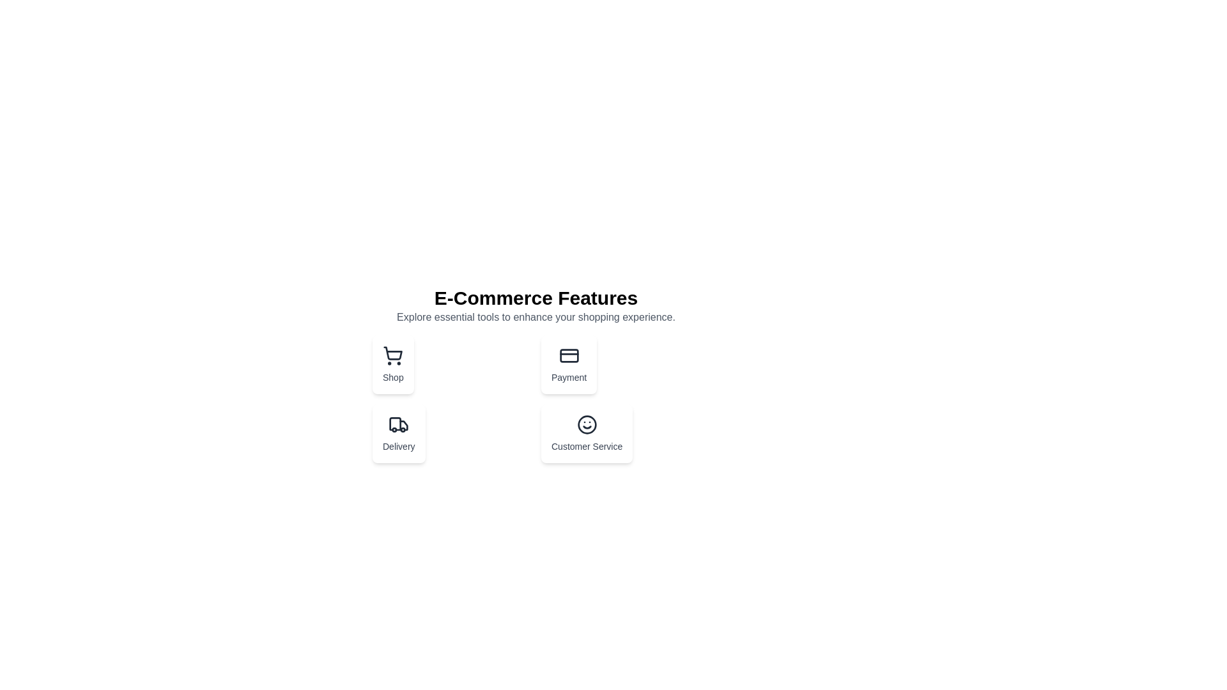 The width and height of the screenshot is (1227, 690). Describe the element at coordinates (451, 433) in the screenshot. I see `the delivery management button located in the third column of the first row below 'E-Commerce Features'` at that location.